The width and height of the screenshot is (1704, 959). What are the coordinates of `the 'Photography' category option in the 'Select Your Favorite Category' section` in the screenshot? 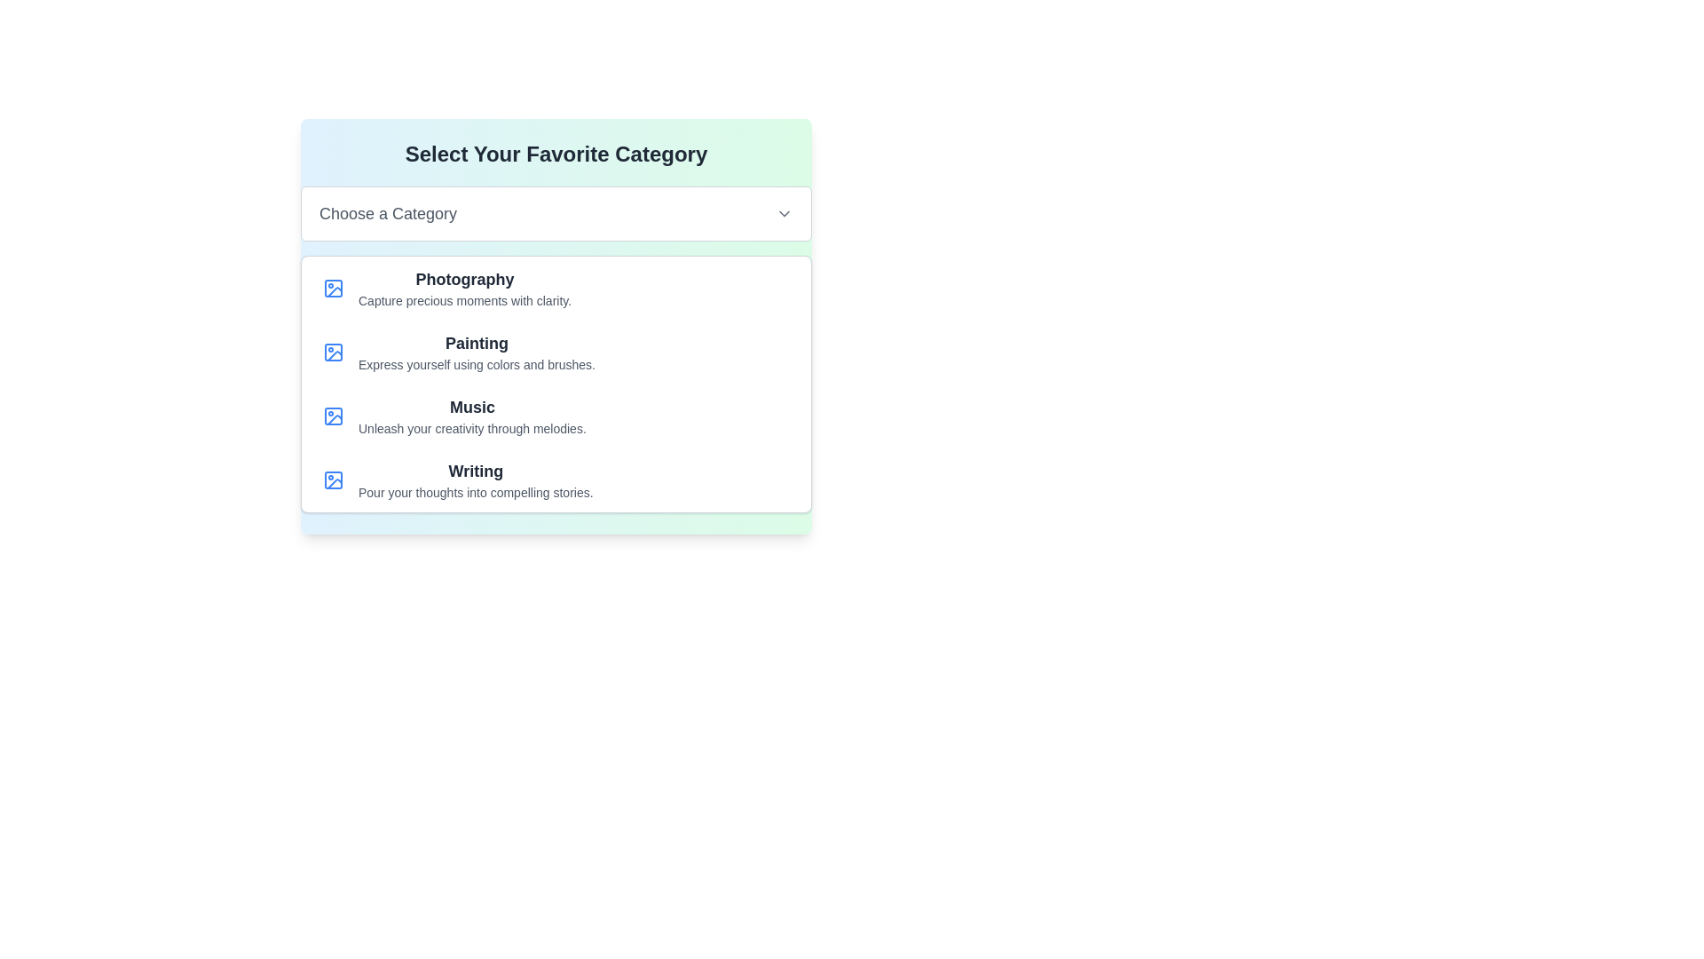 It's located at (464, 287).